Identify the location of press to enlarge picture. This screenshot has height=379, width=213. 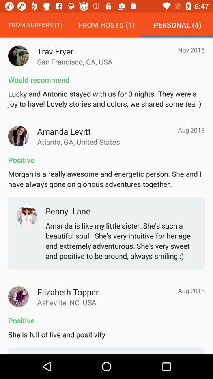
(19, 136).